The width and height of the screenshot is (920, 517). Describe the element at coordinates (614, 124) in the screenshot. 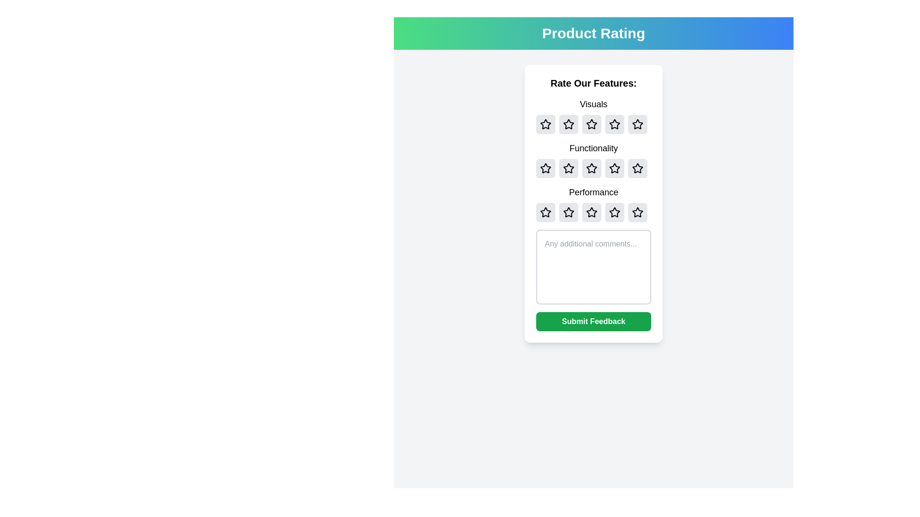

I see `the star icon button with a light gray background, which is the fourth element in the first row of rating stars` at that location.